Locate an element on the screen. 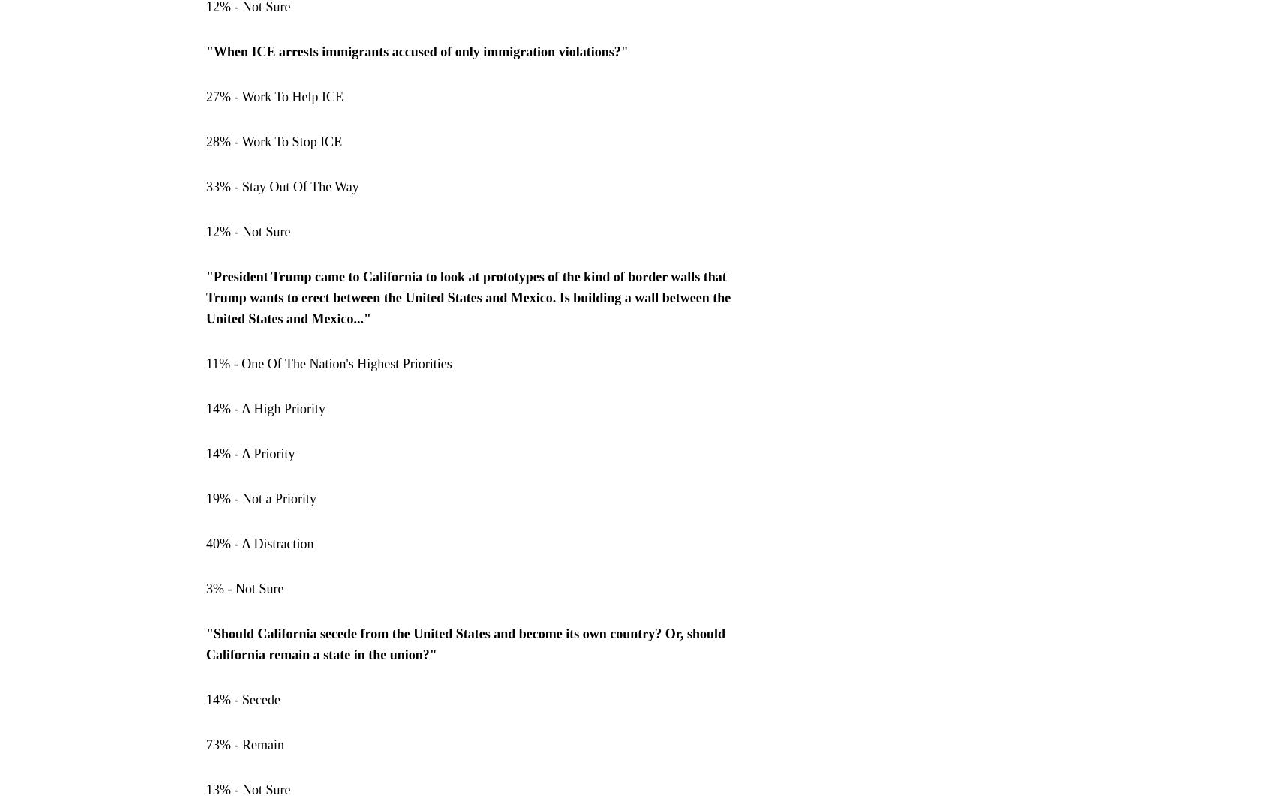 This screenshot has height=796, width=1269. '27%	- Work To Help ICE' is located at coordinates (274, 97).